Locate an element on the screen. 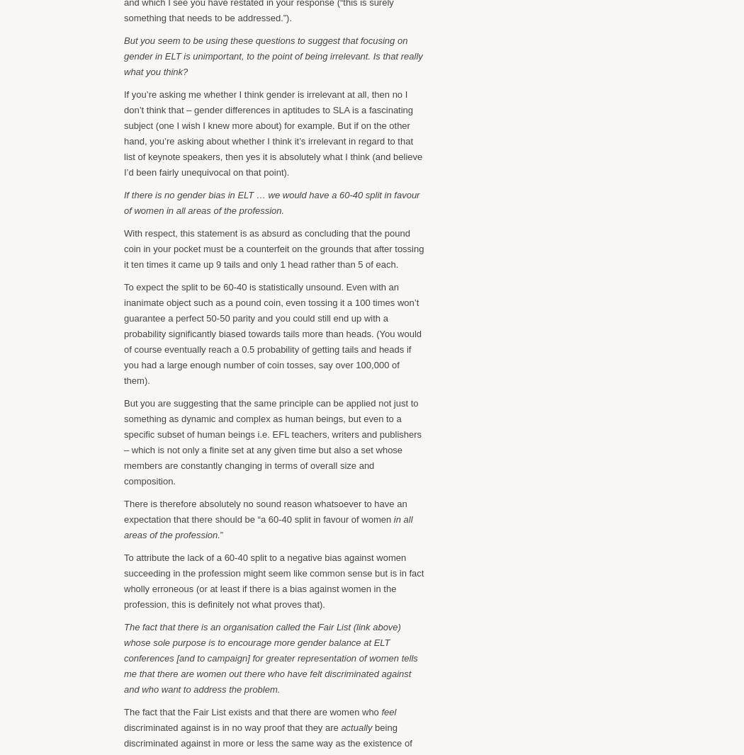 The width and height of the screenshot is (744, 755). 'To expect the split to be 60-40 is statistically unsound. Even with an inanimate object such as a pound coin, even tossing it a 100 times won’t guarantee a perfect 50-50 parity and you could still end up with a probability significantly biased towards tails more than heads. (You would of course eventually reach a 0.5 probability of getting tails and heads if you had a large enough number of coin tosses, say over 100,000 of them).' is located at coordinates (273, 333).